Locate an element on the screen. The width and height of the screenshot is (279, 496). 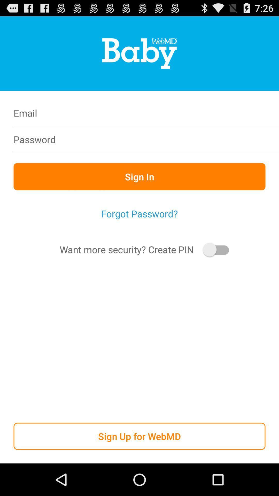
the item next to the password item is located at coordinates (173, 139).